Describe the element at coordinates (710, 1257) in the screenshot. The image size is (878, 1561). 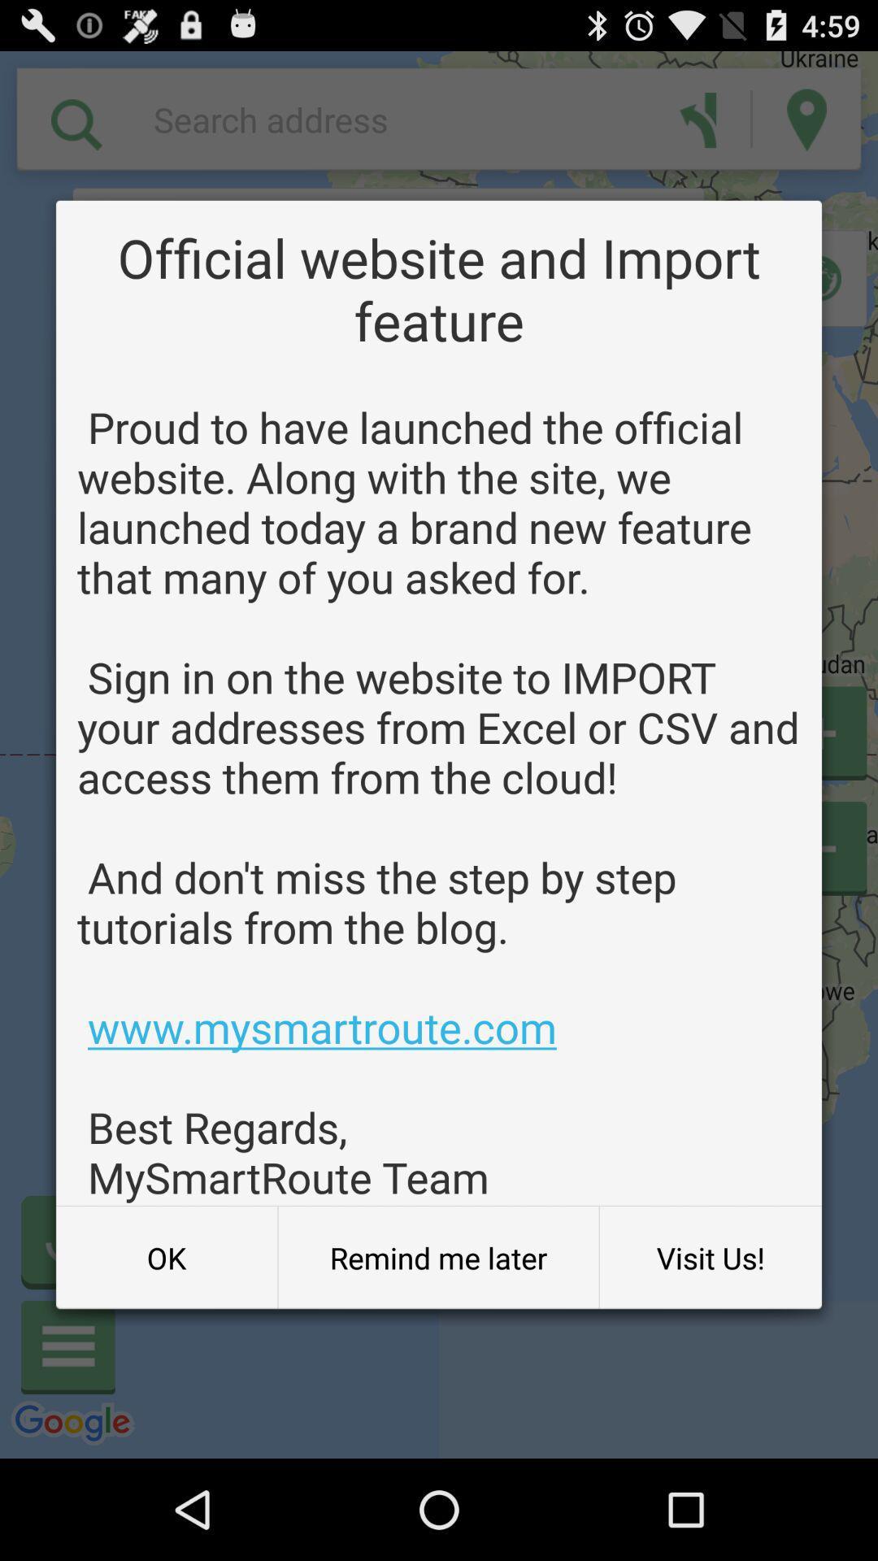
I see `the visit us!` at that location.